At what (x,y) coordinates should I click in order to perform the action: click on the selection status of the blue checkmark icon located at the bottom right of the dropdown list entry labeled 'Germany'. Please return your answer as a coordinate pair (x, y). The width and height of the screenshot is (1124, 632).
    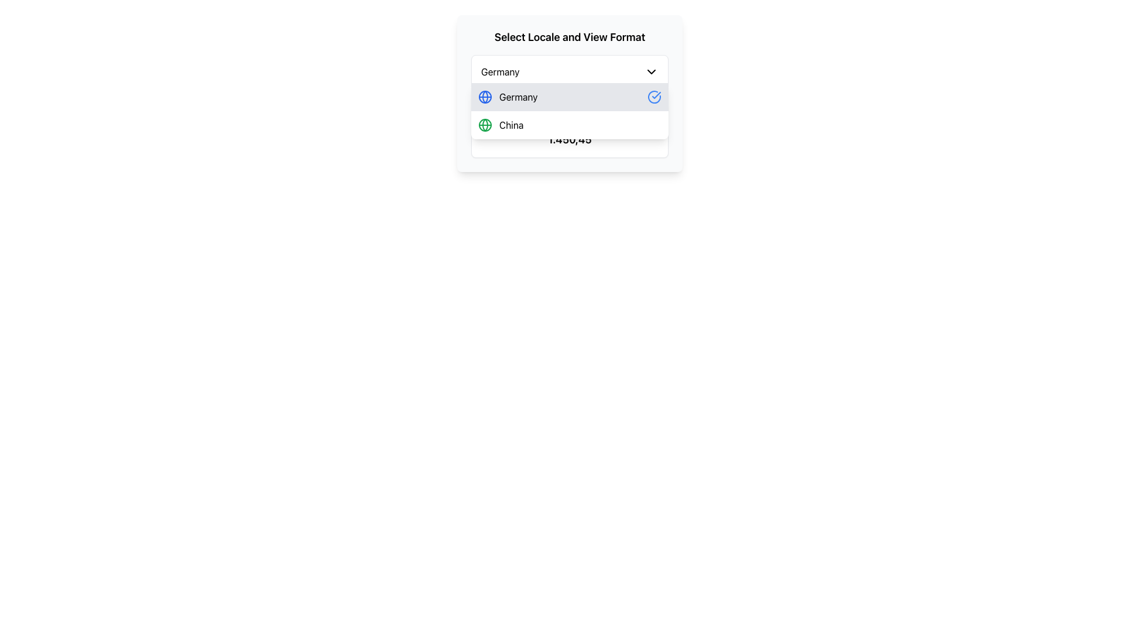
    Looking at the image, I should click on (656, 94).